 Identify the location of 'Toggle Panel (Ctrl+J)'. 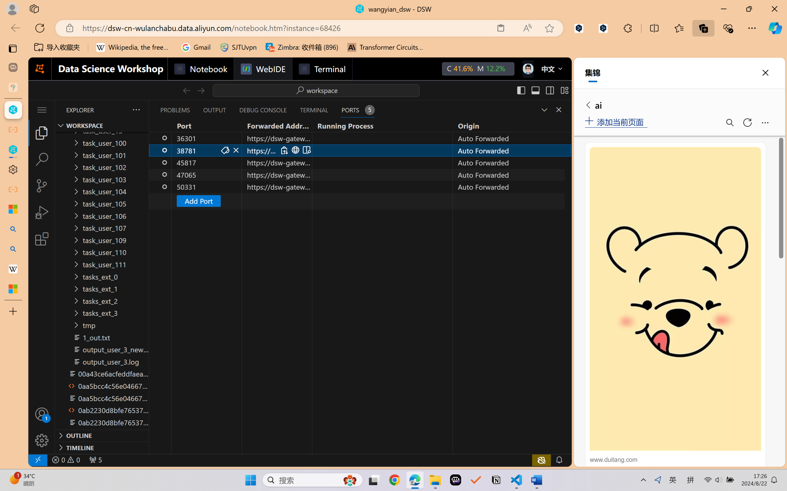
(535, 90).